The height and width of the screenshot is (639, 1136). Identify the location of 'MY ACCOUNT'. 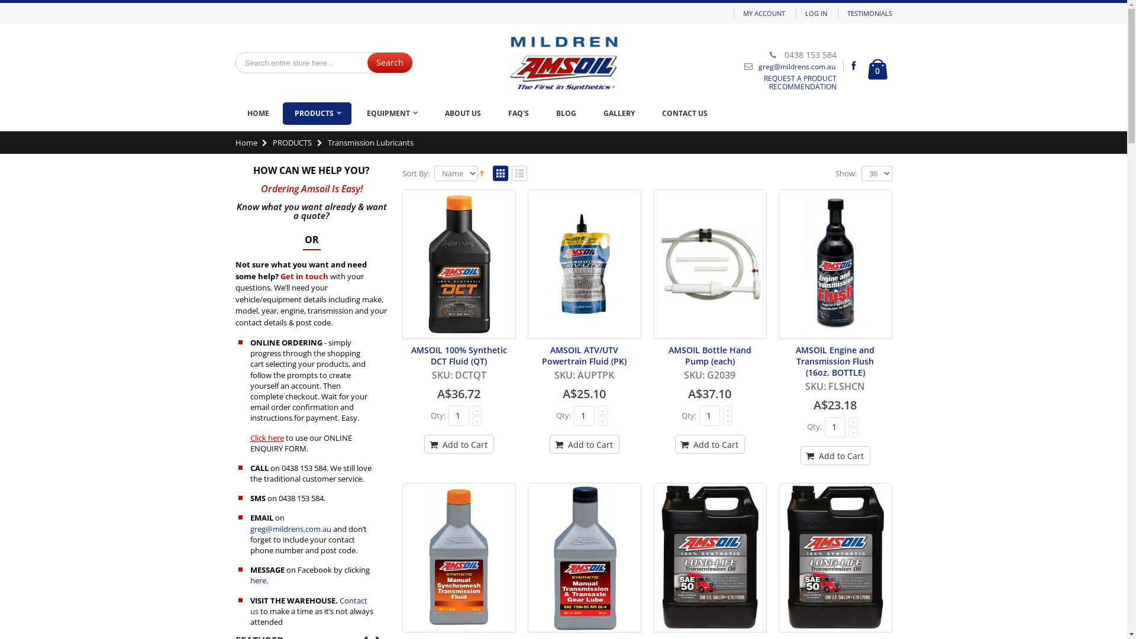
(764, 13).